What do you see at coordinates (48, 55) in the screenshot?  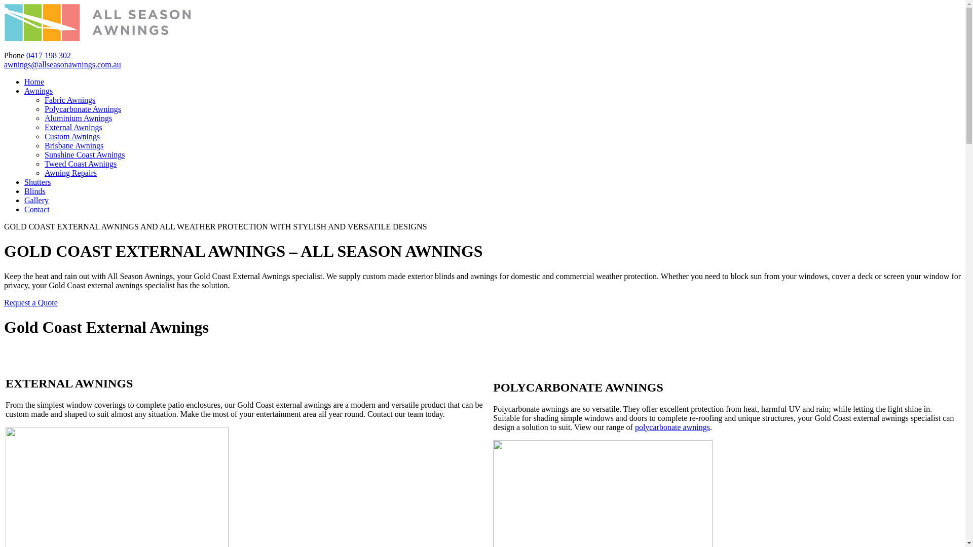 I see `'0417 198 302'` at bounding box center [48, 55].